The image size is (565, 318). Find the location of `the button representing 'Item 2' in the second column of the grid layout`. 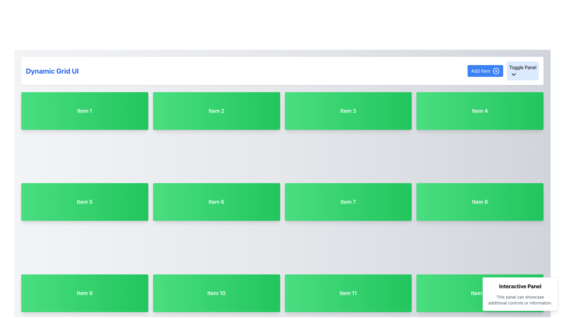

the button representing 'Item 2' in the second column of the grid layout is located at coordinates (216, 111).